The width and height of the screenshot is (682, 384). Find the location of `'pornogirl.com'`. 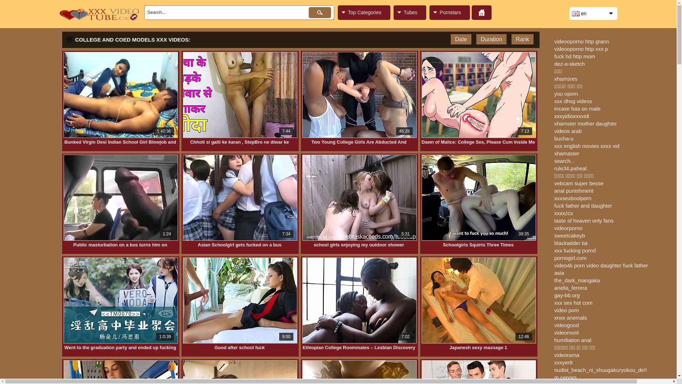

'pornogirl.com' is located at coordinates (570, 258).